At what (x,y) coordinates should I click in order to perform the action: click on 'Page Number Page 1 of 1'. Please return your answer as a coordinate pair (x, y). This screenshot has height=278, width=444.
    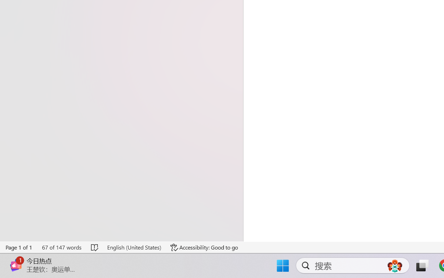
    Looking at the image, I should click on (19, 247).